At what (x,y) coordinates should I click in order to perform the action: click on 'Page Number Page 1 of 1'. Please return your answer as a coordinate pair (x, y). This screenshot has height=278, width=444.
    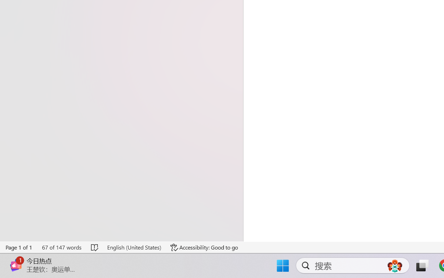
    Looking at the image, I should click on (19, 247).